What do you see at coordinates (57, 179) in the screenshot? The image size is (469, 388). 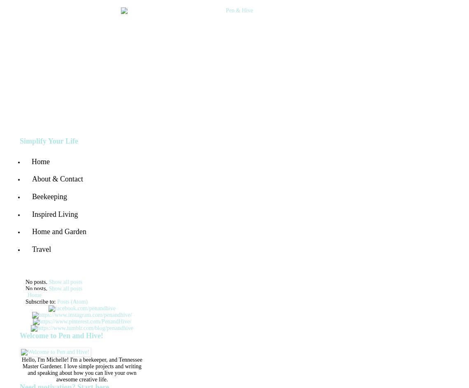 I see `'About & Contact'` at bounding box center [57, 179].